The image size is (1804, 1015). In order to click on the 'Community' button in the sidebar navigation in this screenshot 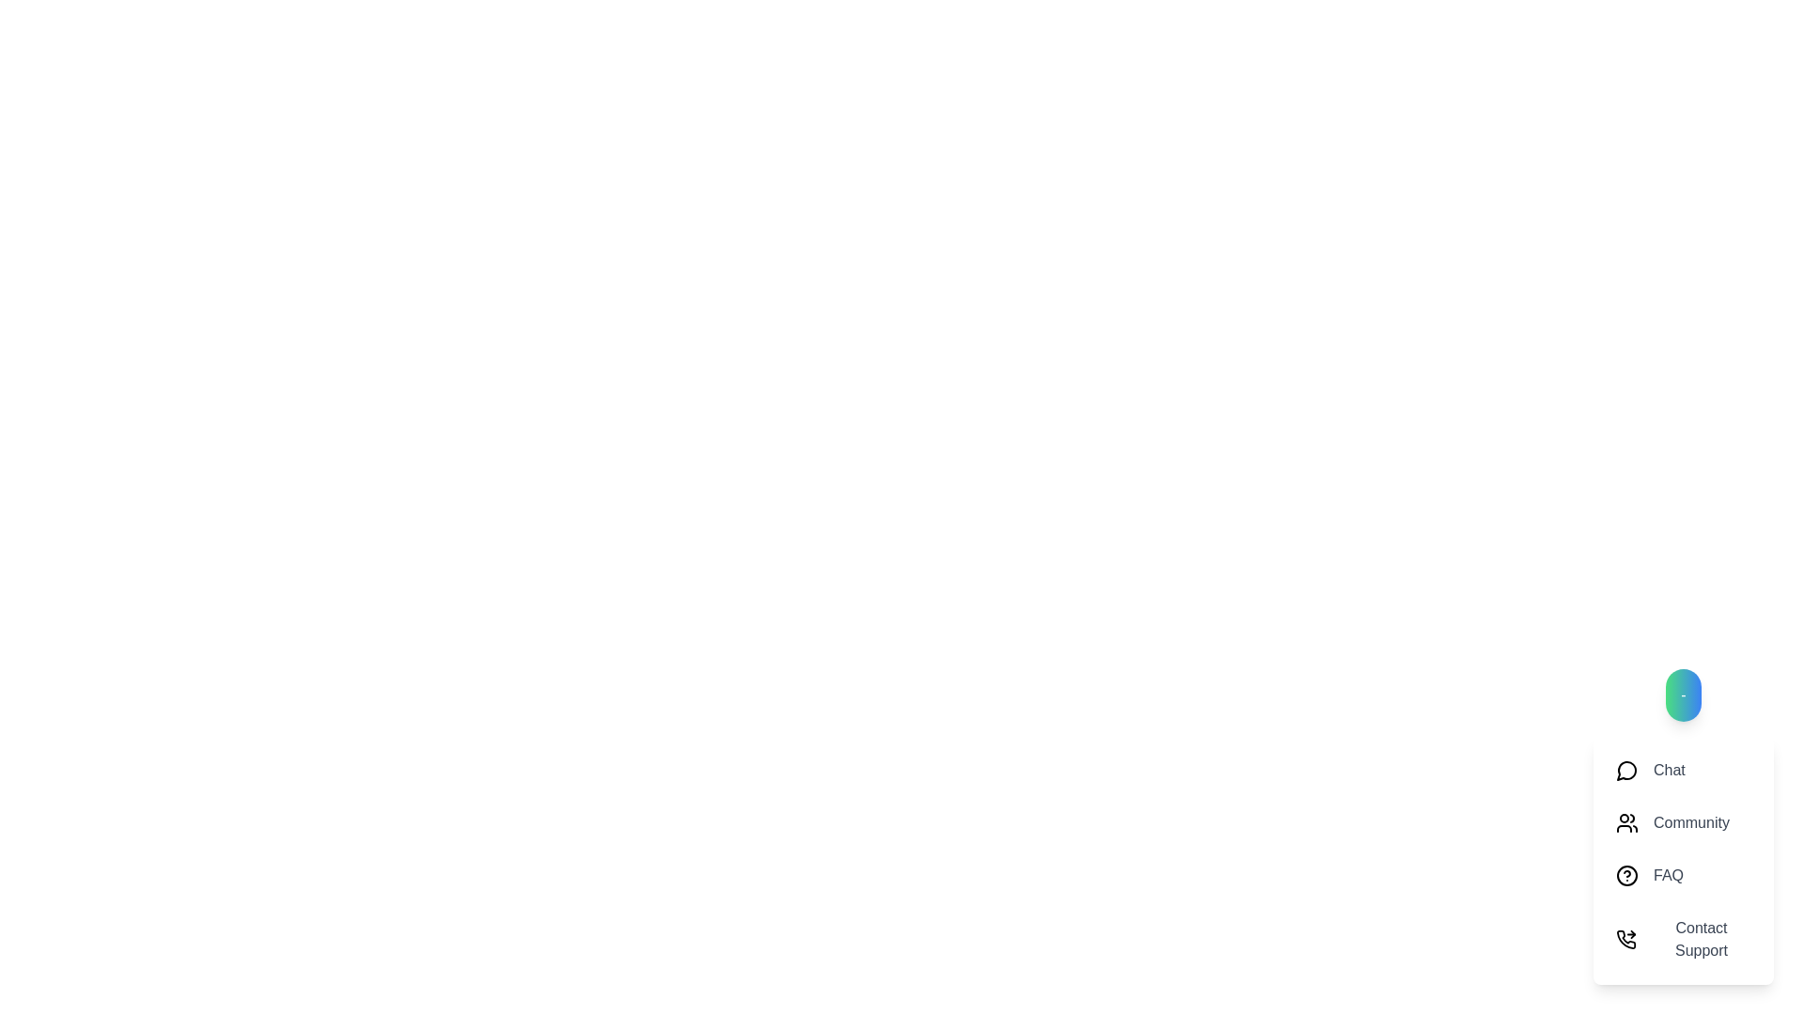, I will do `click(1683, 821)`.